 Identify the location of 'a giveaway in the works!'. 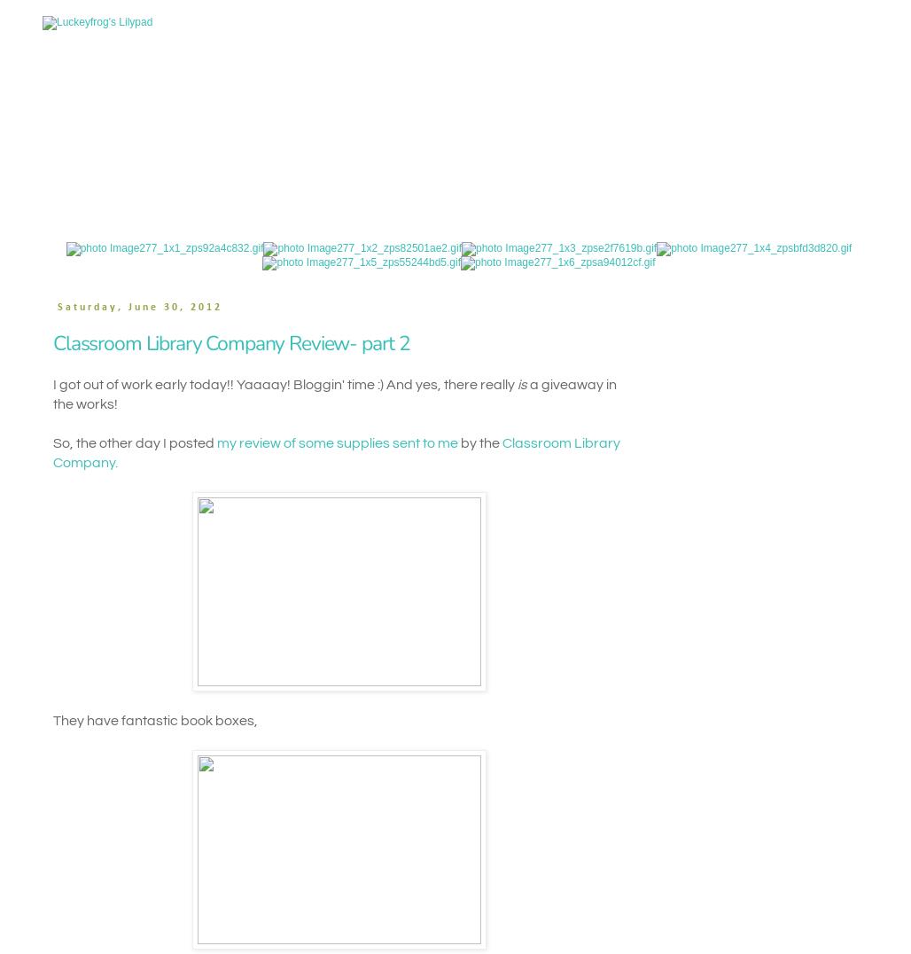
(333, 395).